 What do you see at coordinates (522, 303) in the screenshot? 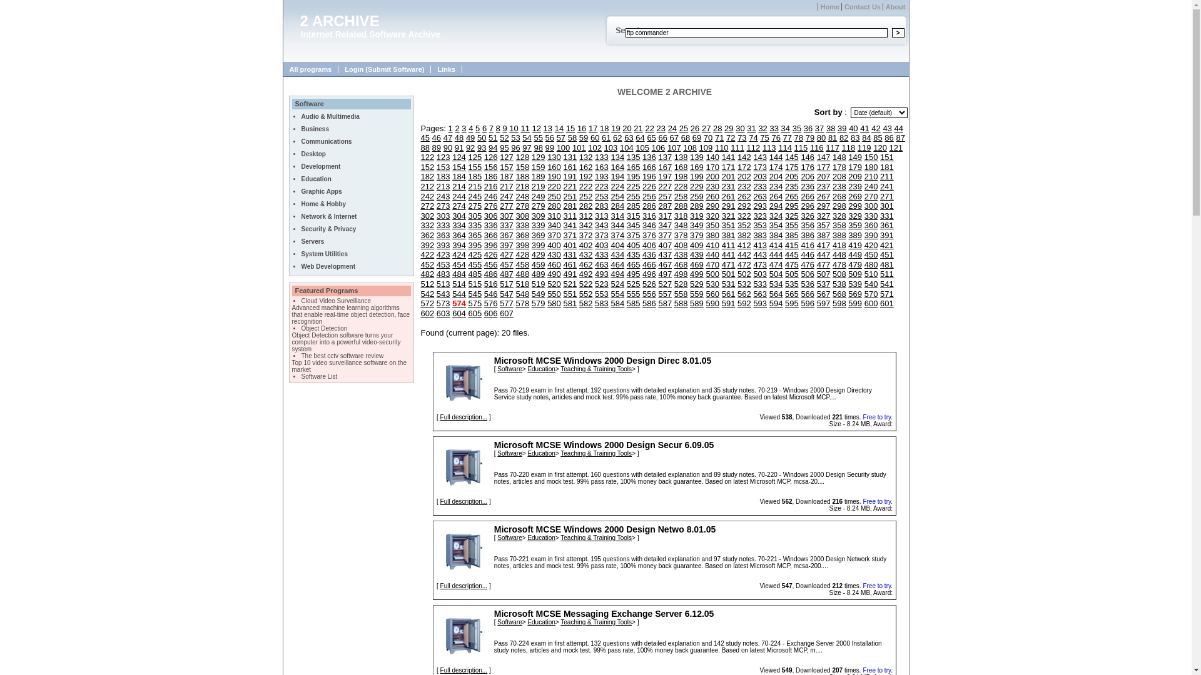
I see `'578'` at bounding box center [522, 303].